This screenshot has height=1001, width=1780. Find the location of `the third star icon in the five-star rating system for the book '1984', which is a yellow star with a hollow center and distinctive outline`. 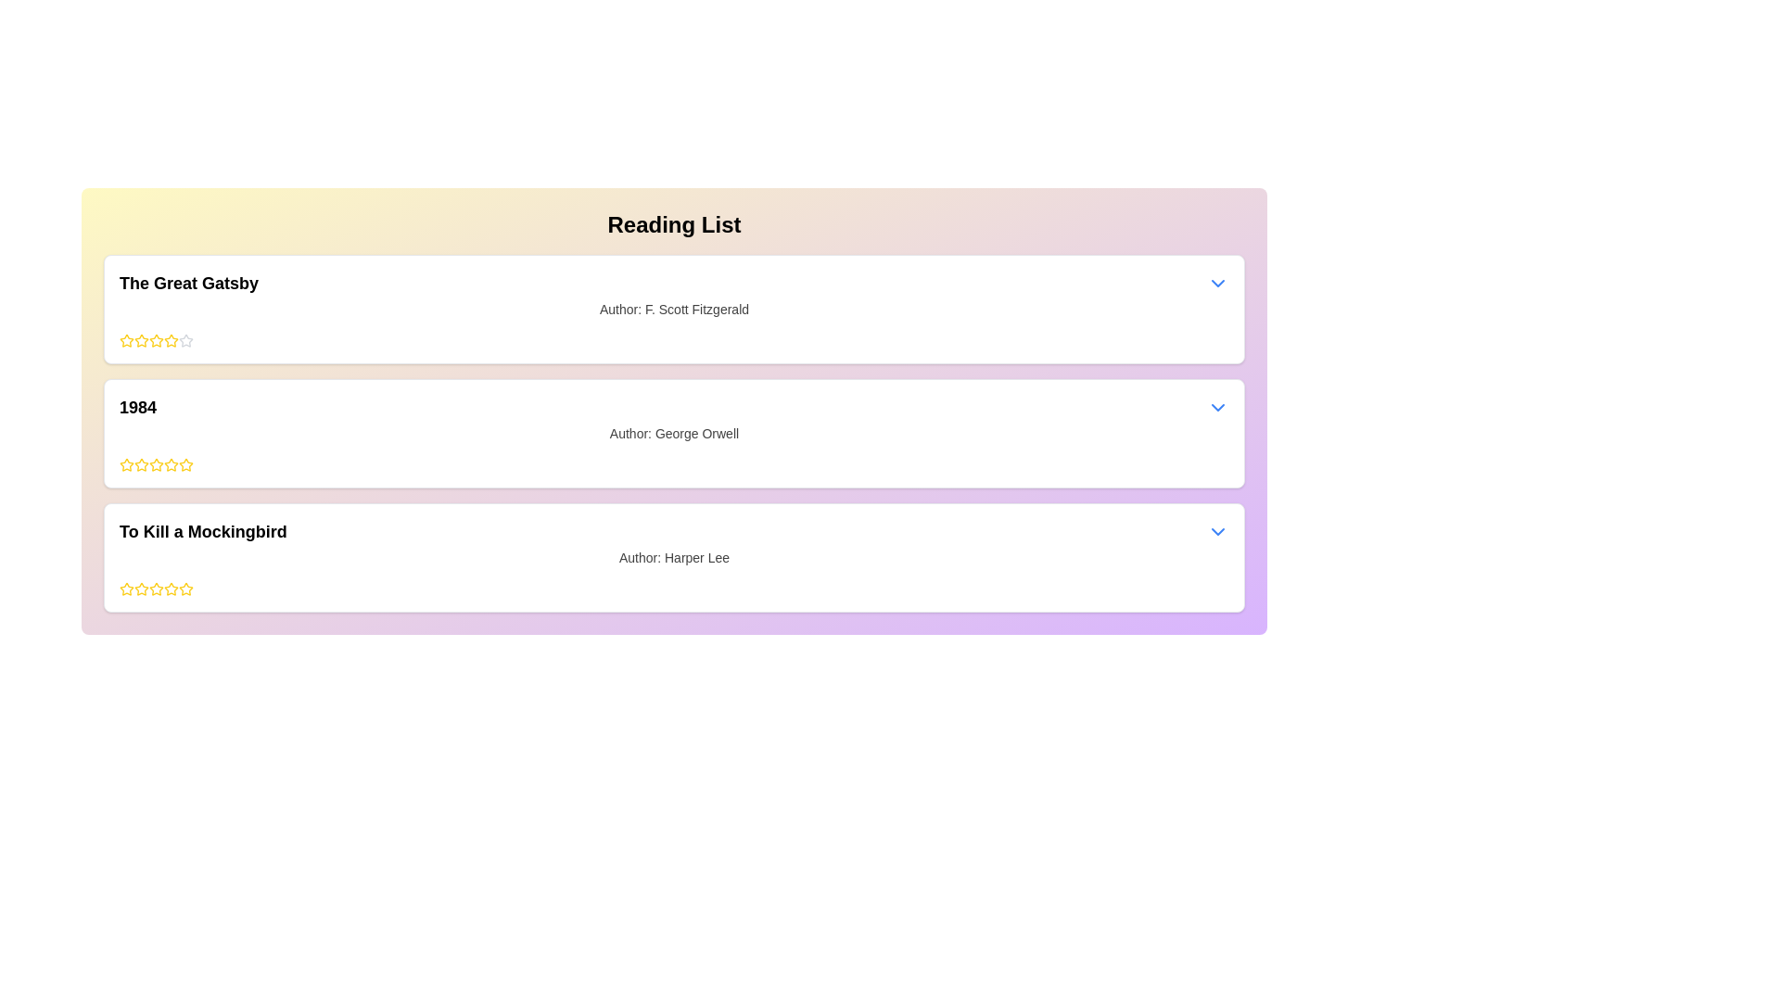

the third star icon in the five-star rating system for the book '1984', which is a yellow star with a hollow center and distinctive outline is located at coordinates (172, 463).